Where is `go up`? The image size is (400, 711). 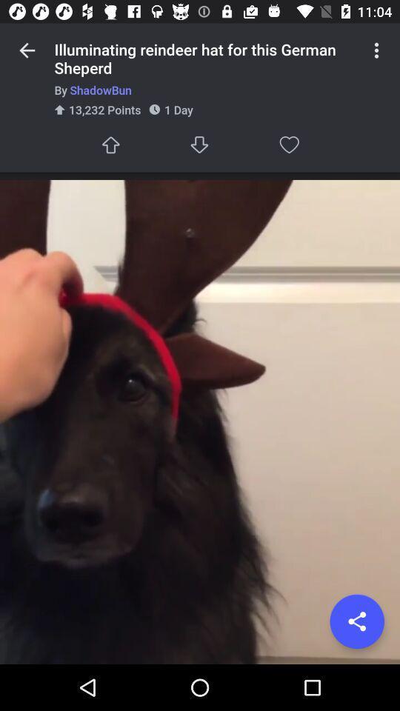 go up is located at coordinates (110, 144).